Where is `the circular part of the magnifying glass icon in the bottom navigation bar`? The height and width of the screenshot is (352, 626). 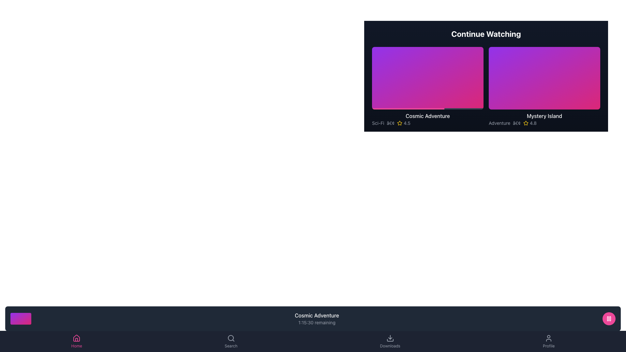
the circular part of the magnifying glass icon in the bottom navigation bar is located at coordinates (231, 338).